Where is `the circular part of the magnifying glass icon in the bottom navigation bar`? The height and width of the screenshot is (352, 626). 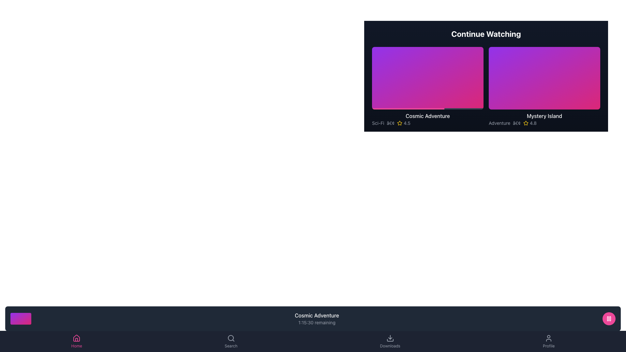
the circular part of the magnifying glass icon in the bottom navigation bar is located at coordinates (231, 338).